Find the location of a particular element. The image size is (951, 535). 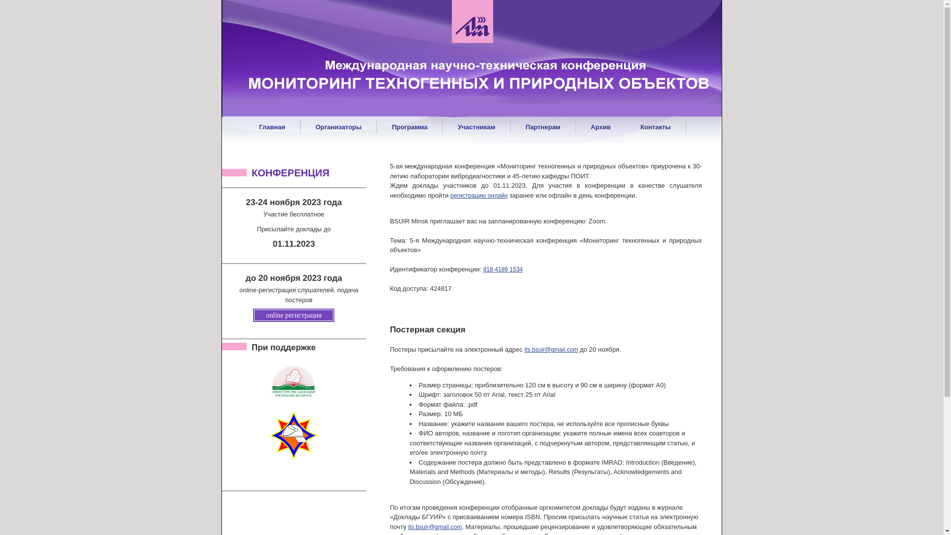

'its.bsuir@gmail.com' is located at coordinates (551, 349).